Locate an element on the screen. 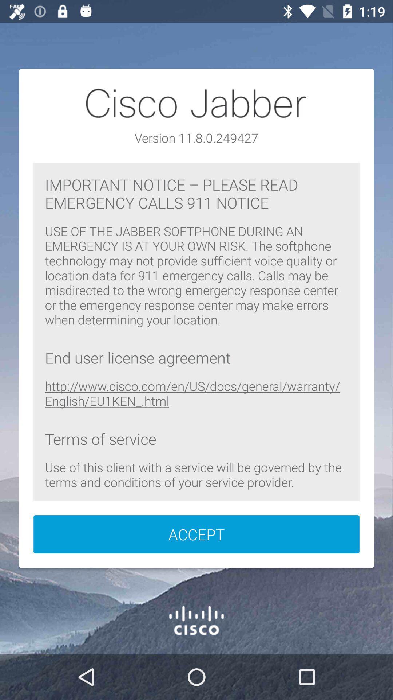 The height and width of the screenshot is (700, 393). the complete white background is located at coordinates (196, 318).